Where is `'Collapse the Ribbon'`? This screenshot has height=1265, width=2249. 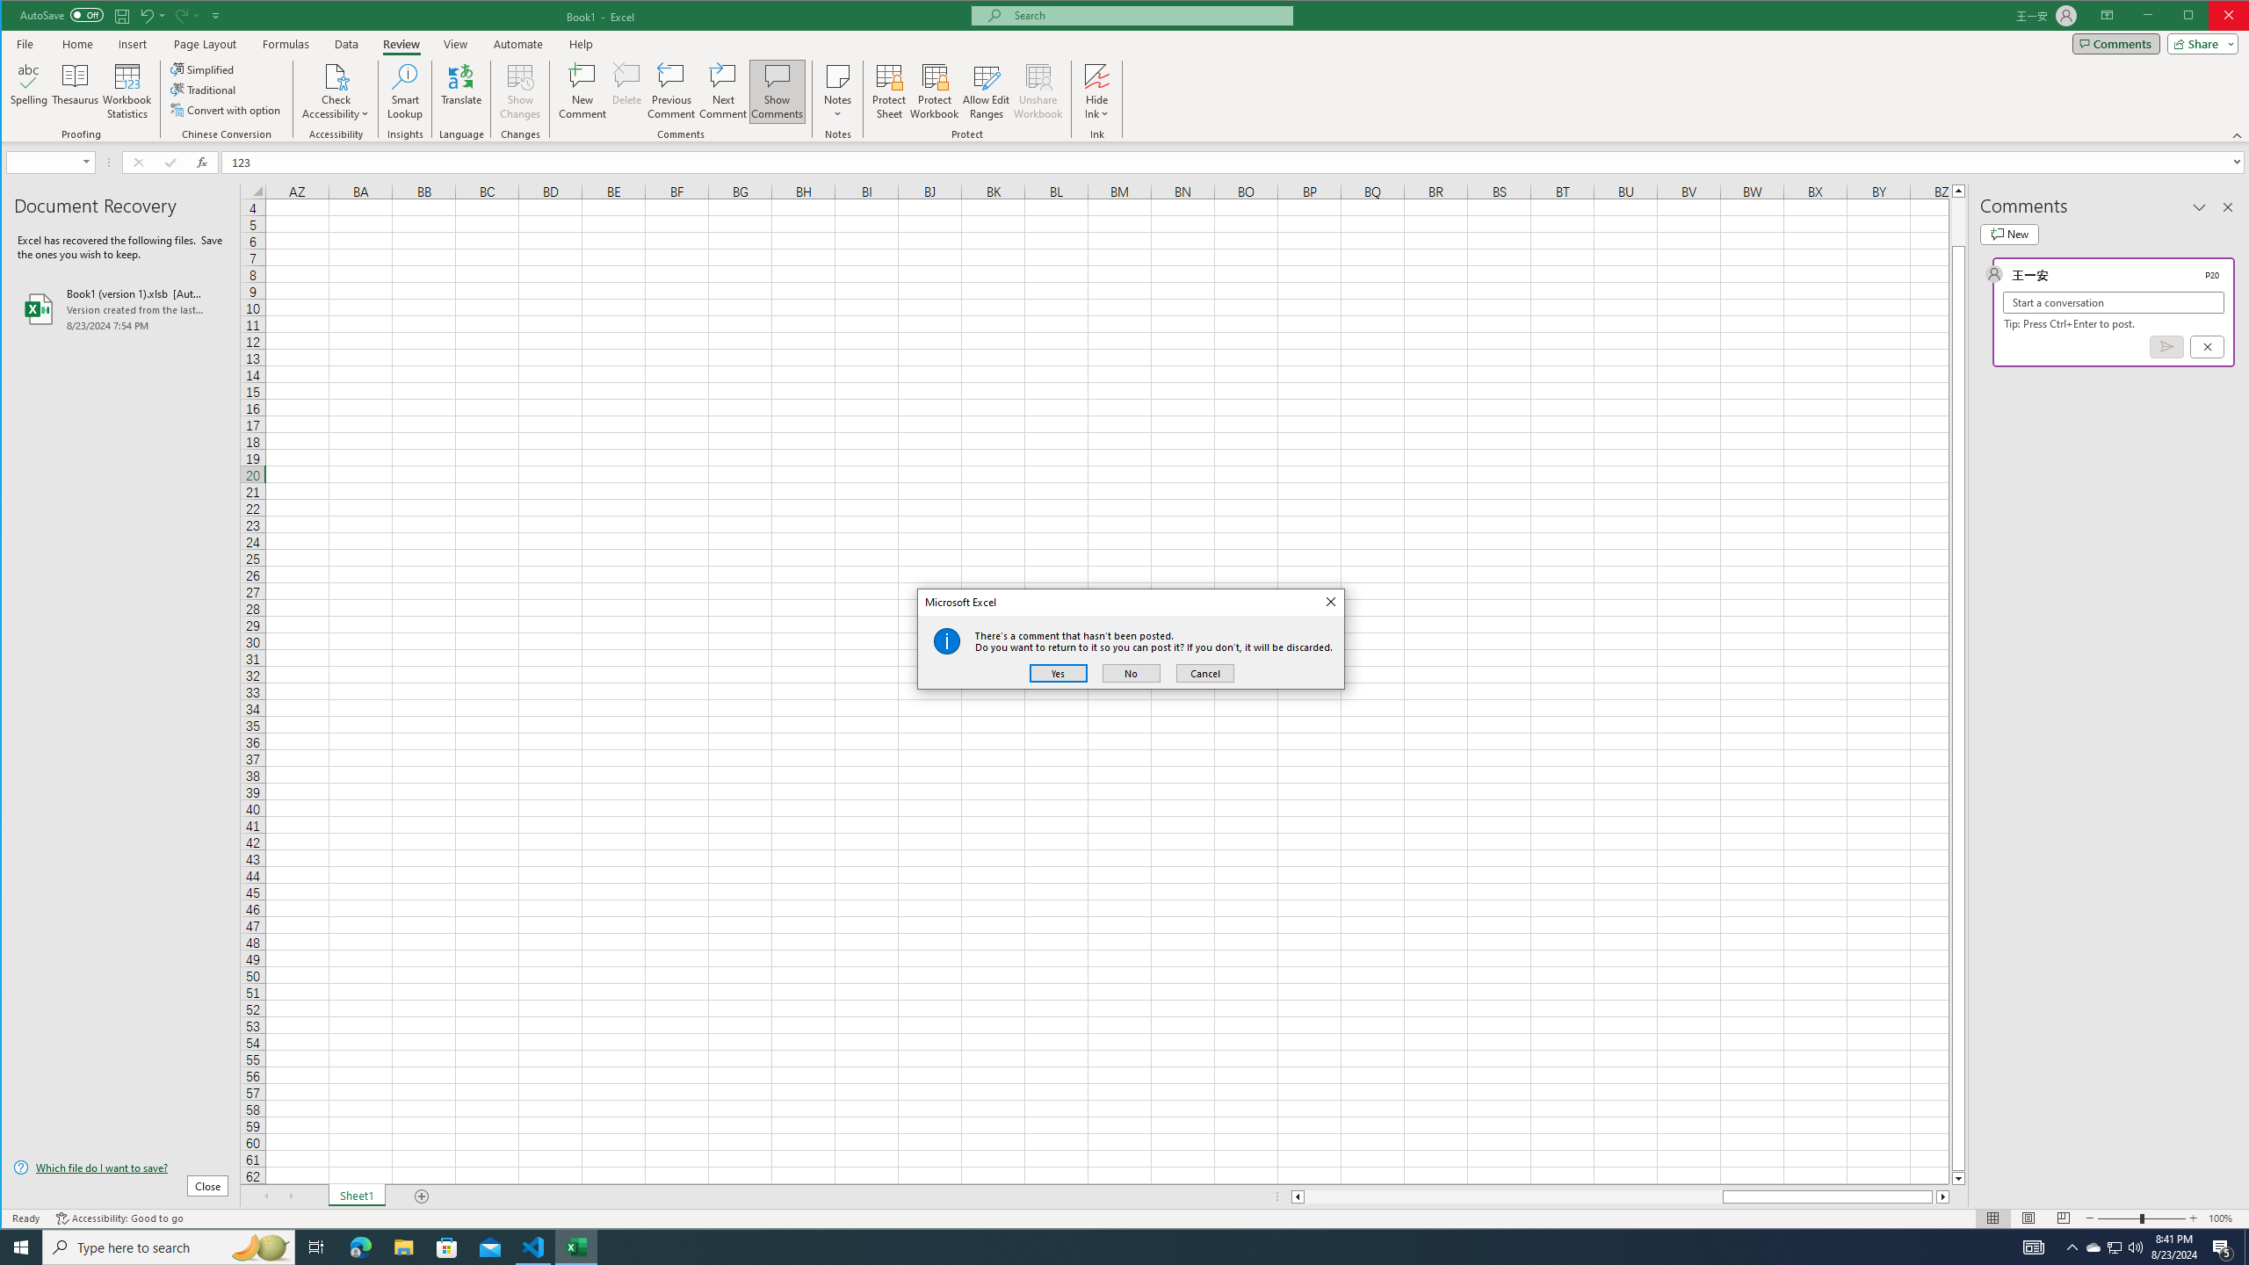
'Collapse the Ribbon' is located at coordinates (2238, 134).